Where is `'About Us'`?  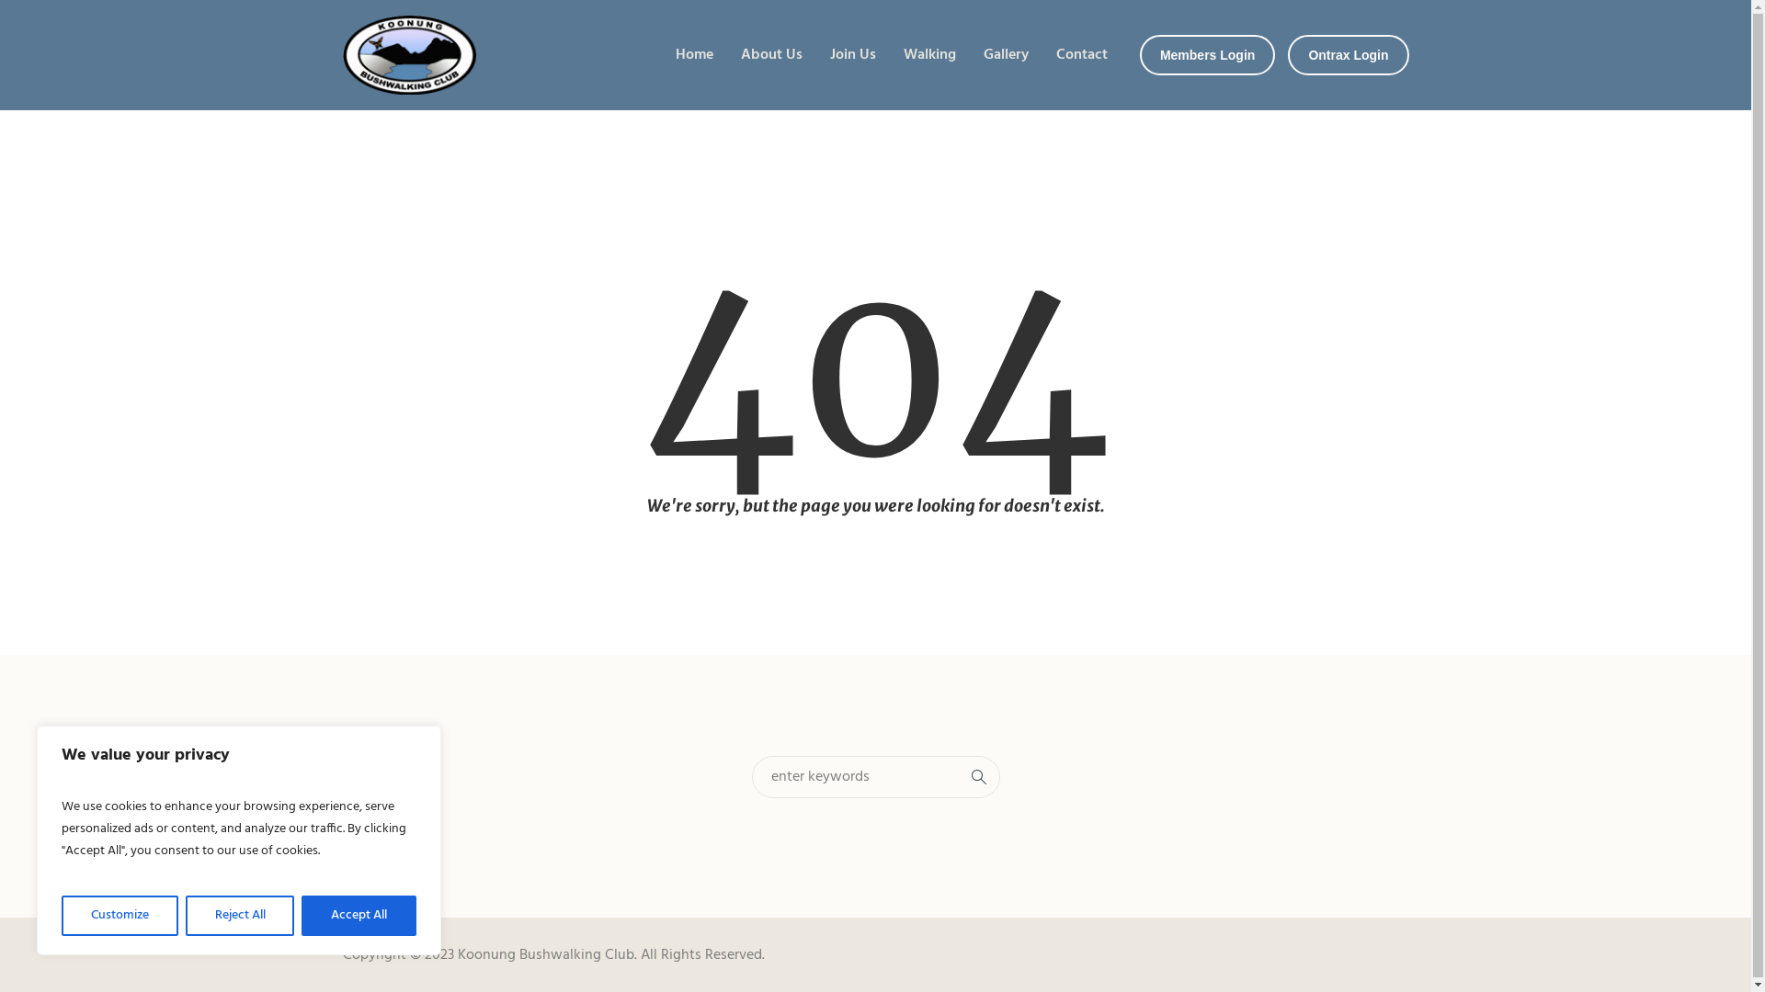 'About Us' is located at coordinates (771, 54).